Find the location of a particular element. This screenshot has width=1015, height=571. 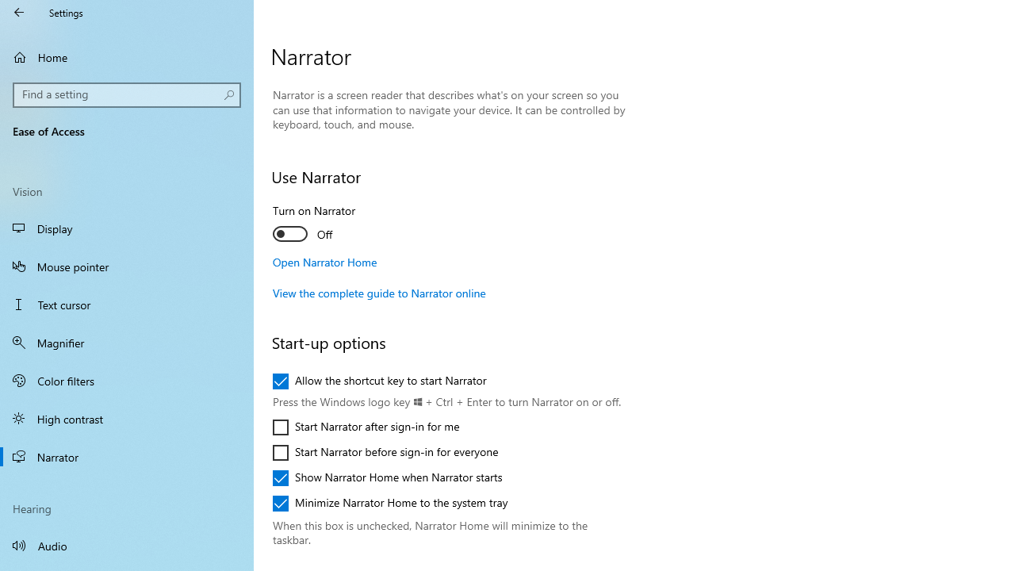

'Open Narrator Home' is located at coordinates (324, 261).